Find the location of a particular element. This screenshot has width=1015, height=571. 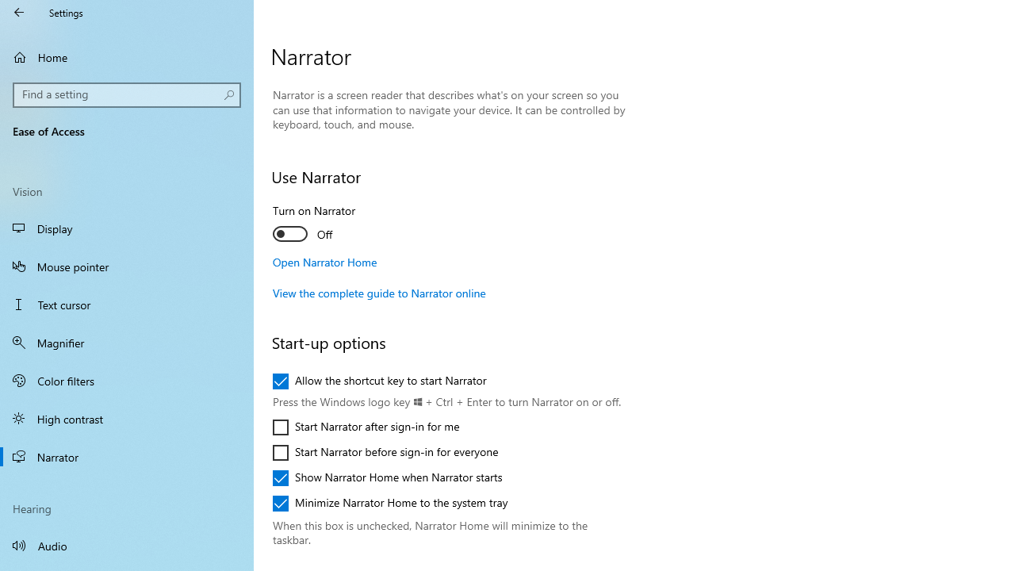

'Open Narrator Home' is located at coordinates (324, 261).